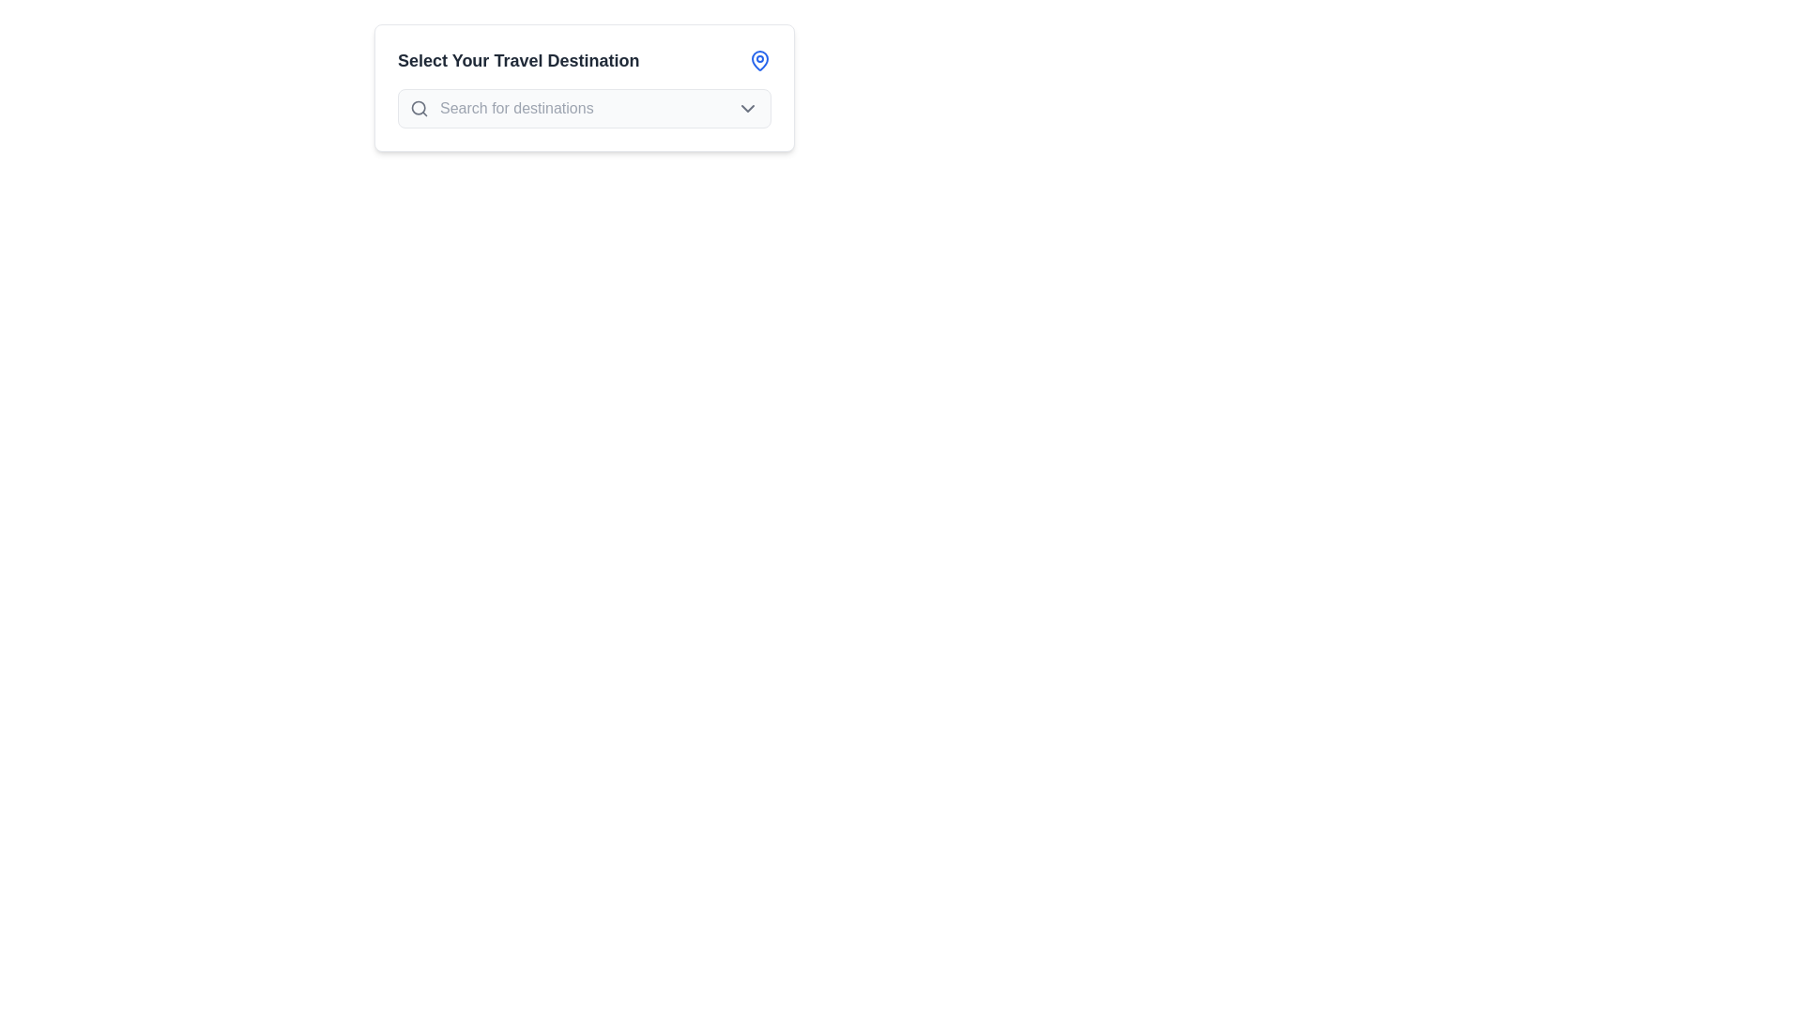 This screenshot has width=1802, height=1013. What do you see at coordinates (418, 108) in the screenshot?
I see `the circular magnifying glass icon located to the left of the search bar labeled 'Search for destinations'` at bounding box center [418, 108].